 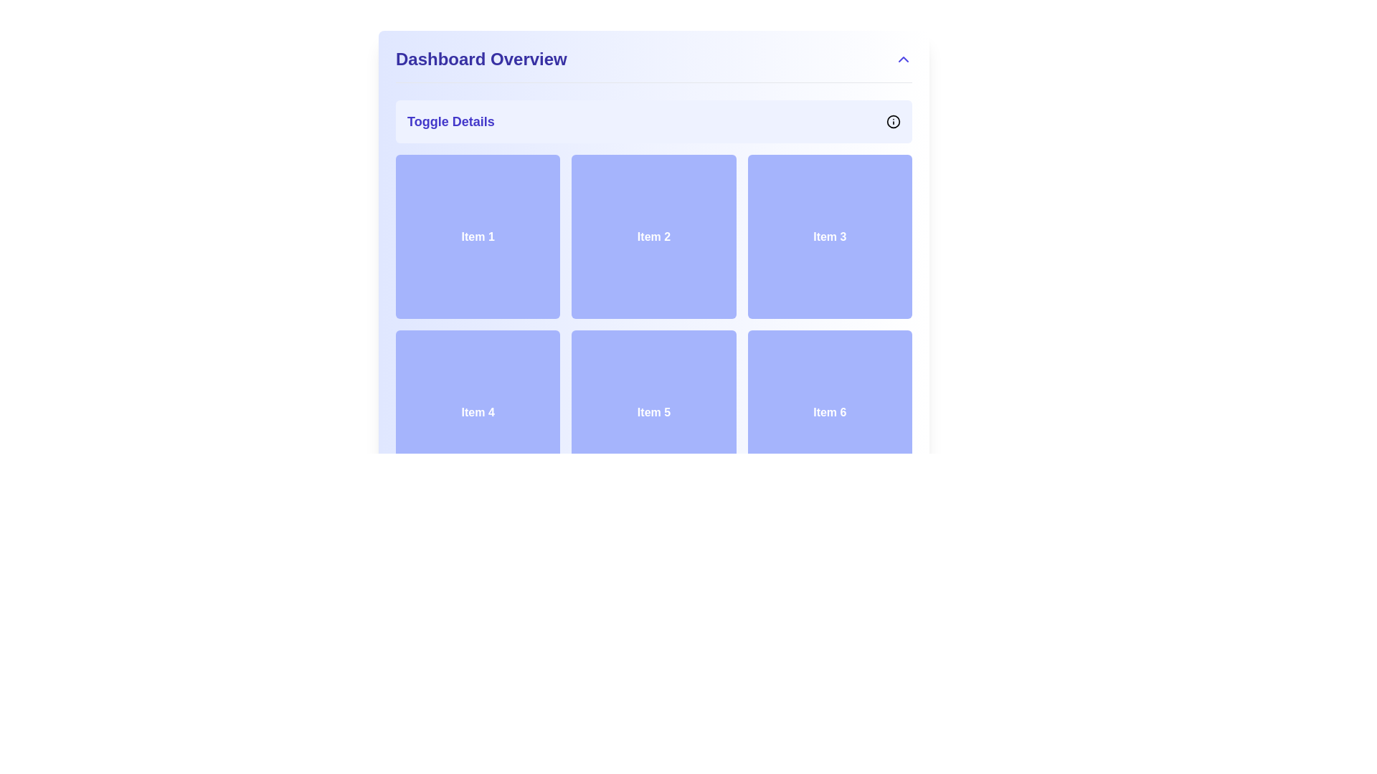 I want to click on the Label or Static Text element displaying 'Item 1' in the Dashboard Overview section, which has a light indigo background and white bold text, so click(x=478, y=236).